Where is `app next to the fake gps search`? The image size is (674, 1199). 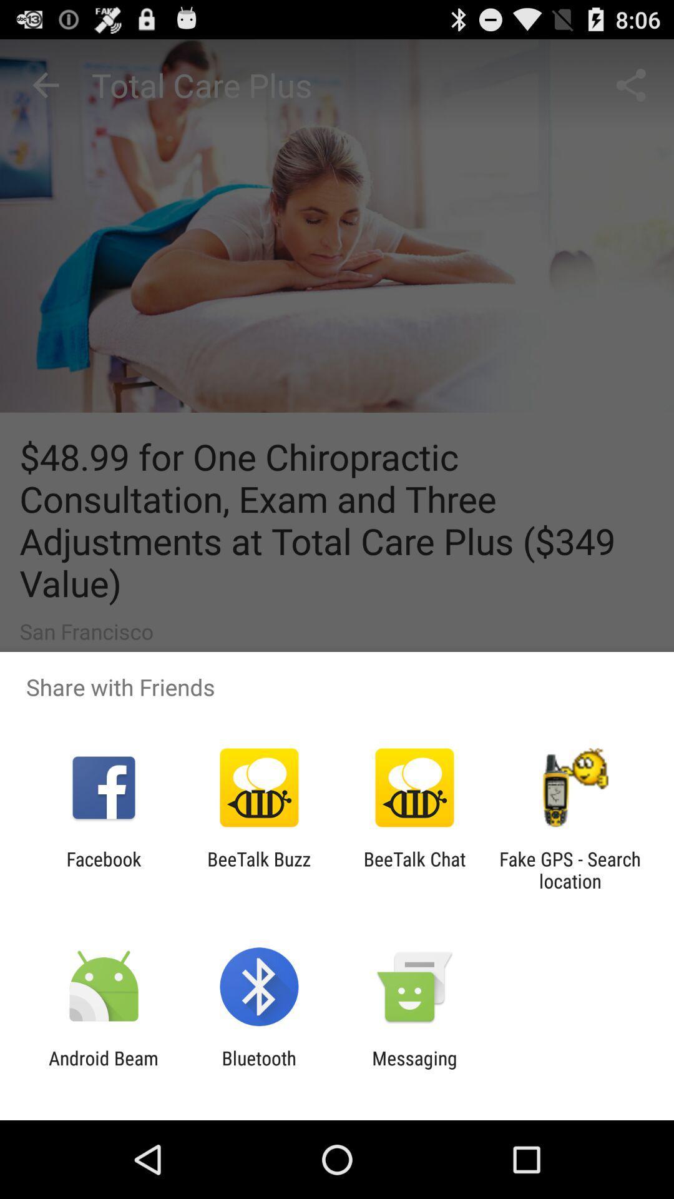 app next to the fake gps search is located at coordinates (414, 869).